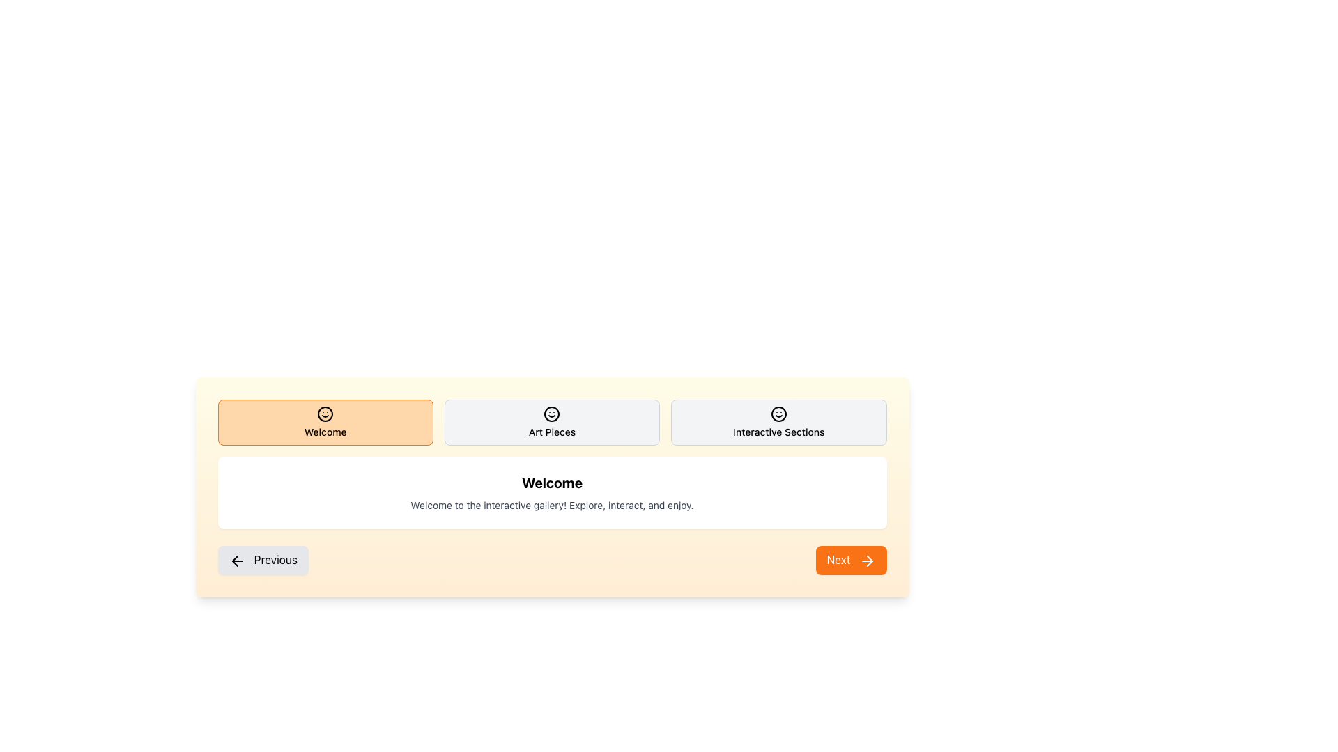  Describe the element at coordinates (551, 432) in the screenshot. I see `the text label that reads 'Art Pieces', styled with medium font weight and small font size, appearing in black text on a light gray background` at that location.